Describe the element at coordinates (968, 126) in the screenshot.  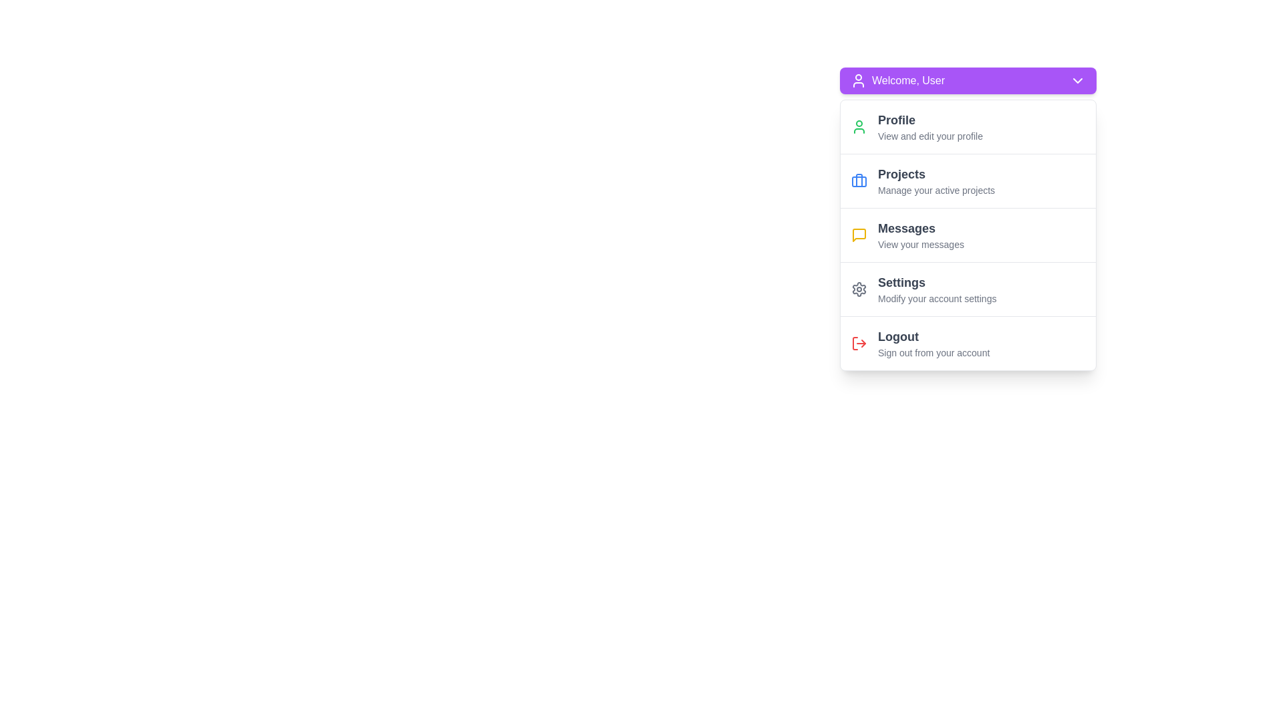
I see `the first menu item below the 'Welcome, User' header to trigger the hover effect` at that location.